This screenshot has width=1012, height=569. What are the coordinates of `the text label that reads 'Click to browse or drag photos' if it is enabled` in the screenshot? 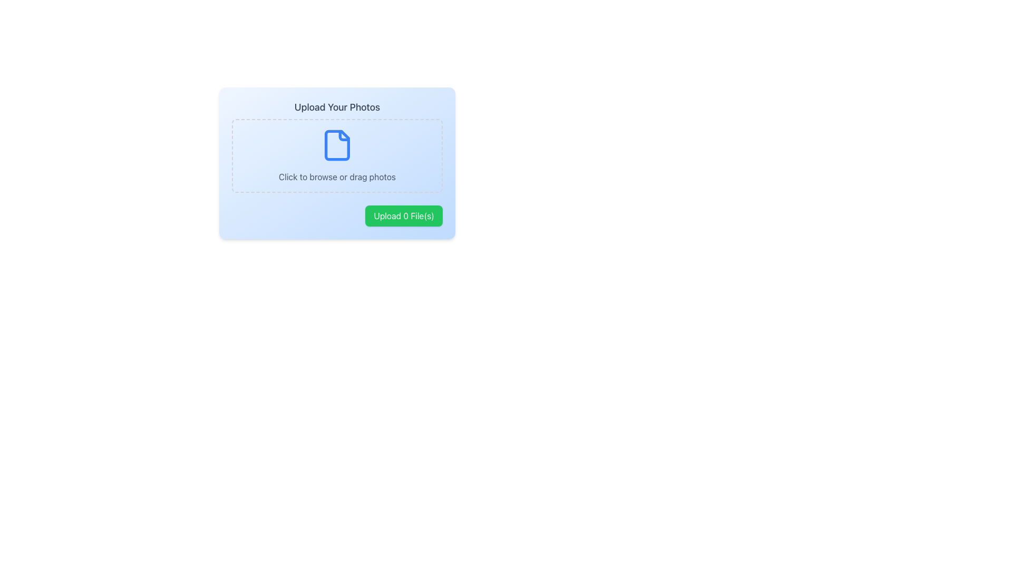 It's located at (336, 176).